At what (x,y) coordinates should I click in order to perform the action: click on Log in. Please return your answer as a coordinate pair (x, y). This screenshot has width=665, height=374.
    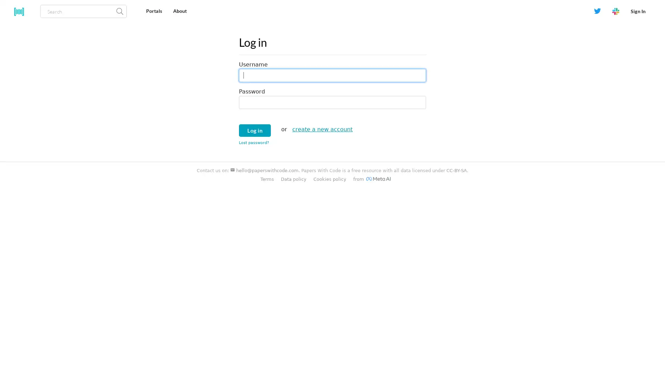
    Looking at the image, I should click on (254, 130).